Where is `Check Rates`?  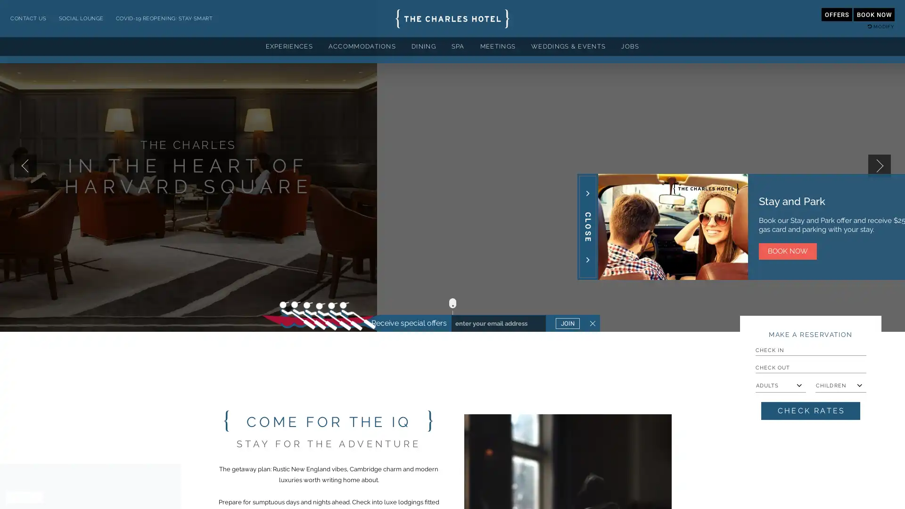
Check Rates is located at coordinates (810, 410).